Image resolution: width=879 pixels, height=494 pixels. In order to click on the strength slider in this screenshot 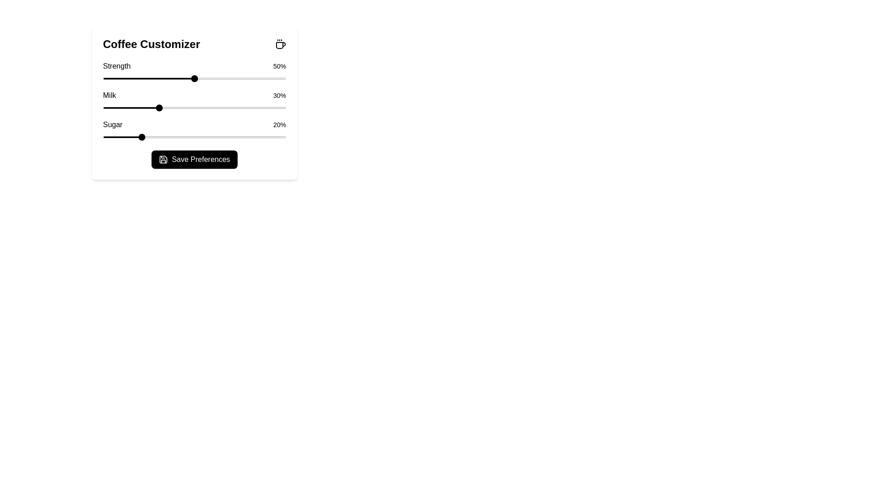, I will do `click(128, 78)`.